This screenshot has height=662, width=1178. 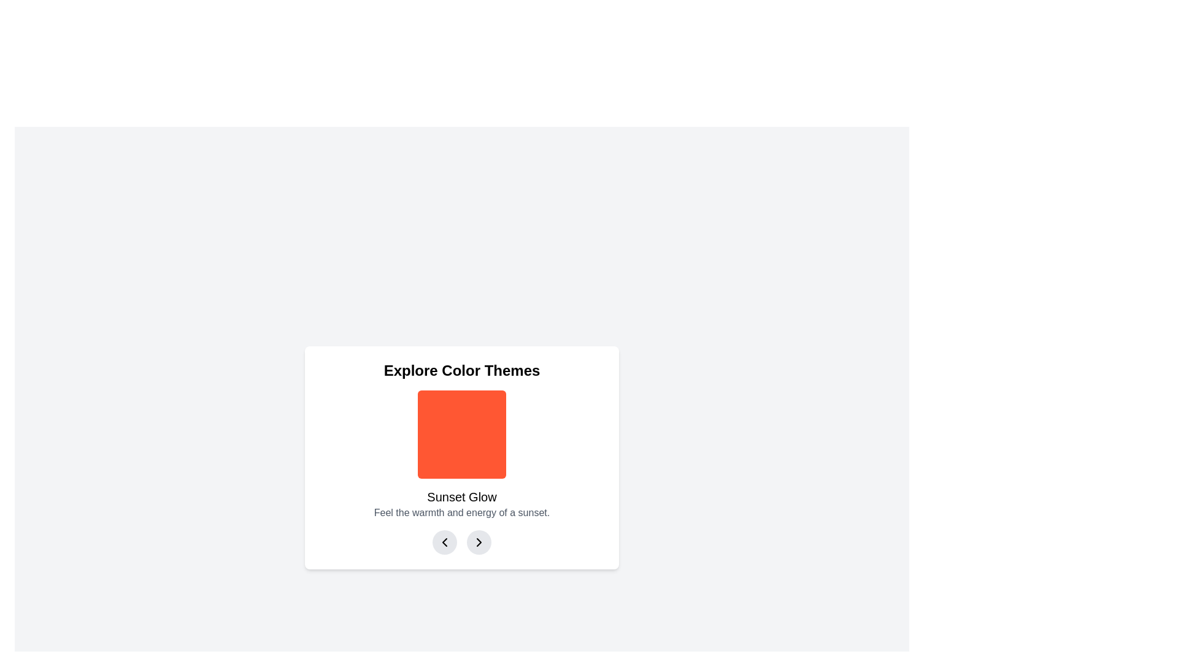 I want to click on the left-pointing SVG icon located at the lower center of the interface, so click(x=444, y=541).